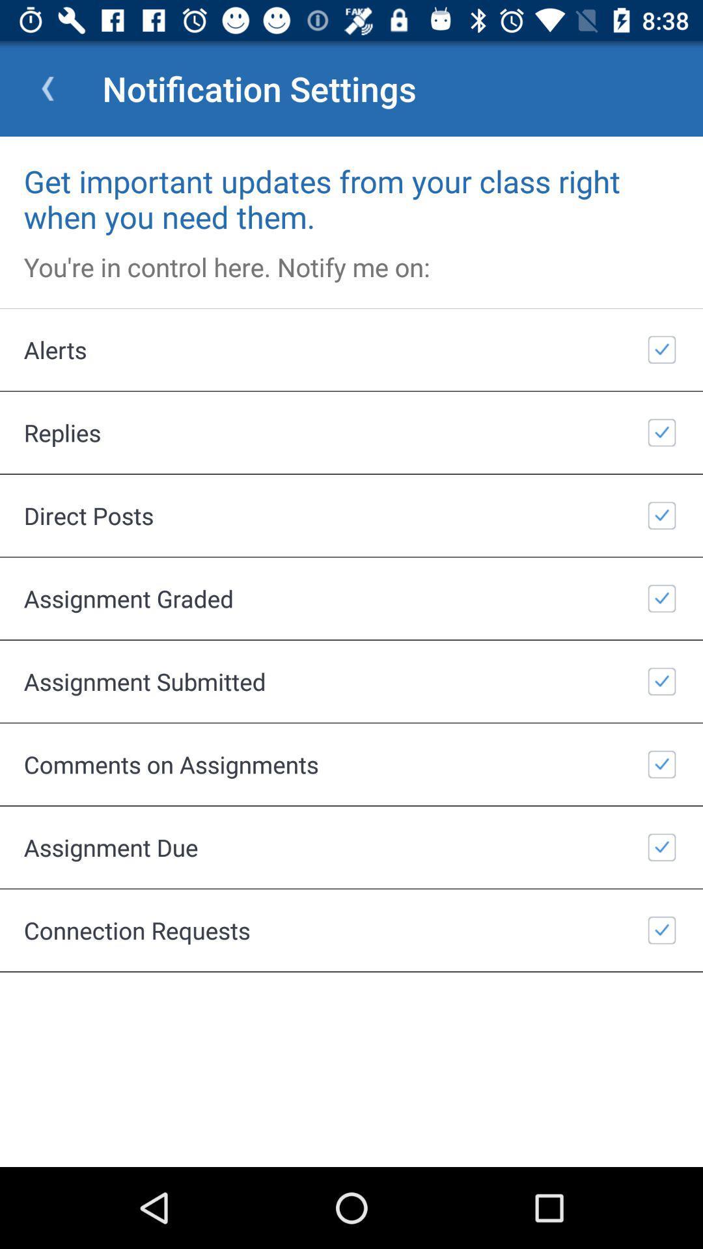  I want to click on icon above direct posts icon, so click(351, 433).